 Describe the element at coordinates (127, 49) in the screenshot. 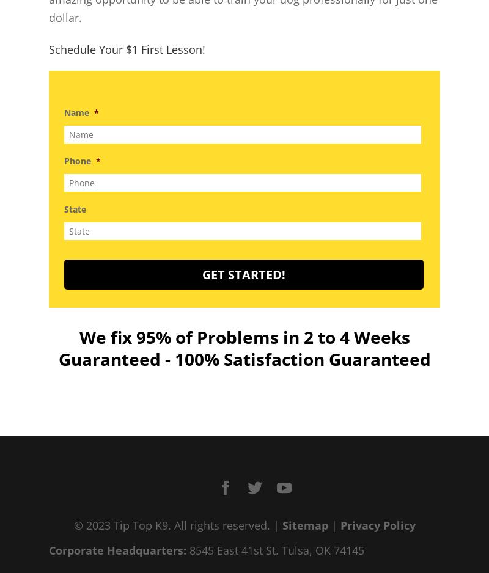

I see `'Schedule Your $1 First Lesson!'` at that location.